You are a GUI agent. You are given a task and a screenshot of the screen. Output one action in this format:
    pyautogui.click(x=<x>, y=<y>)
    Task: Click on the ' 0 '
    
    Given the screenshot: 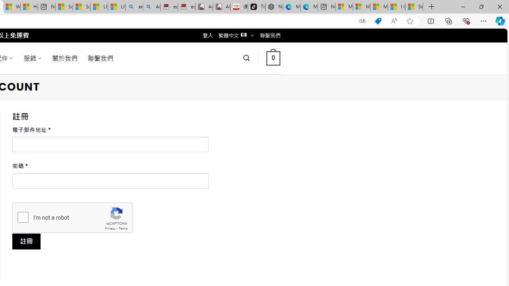 What is the action you would take?
    pyautogui.click(x=273, y=58)
    